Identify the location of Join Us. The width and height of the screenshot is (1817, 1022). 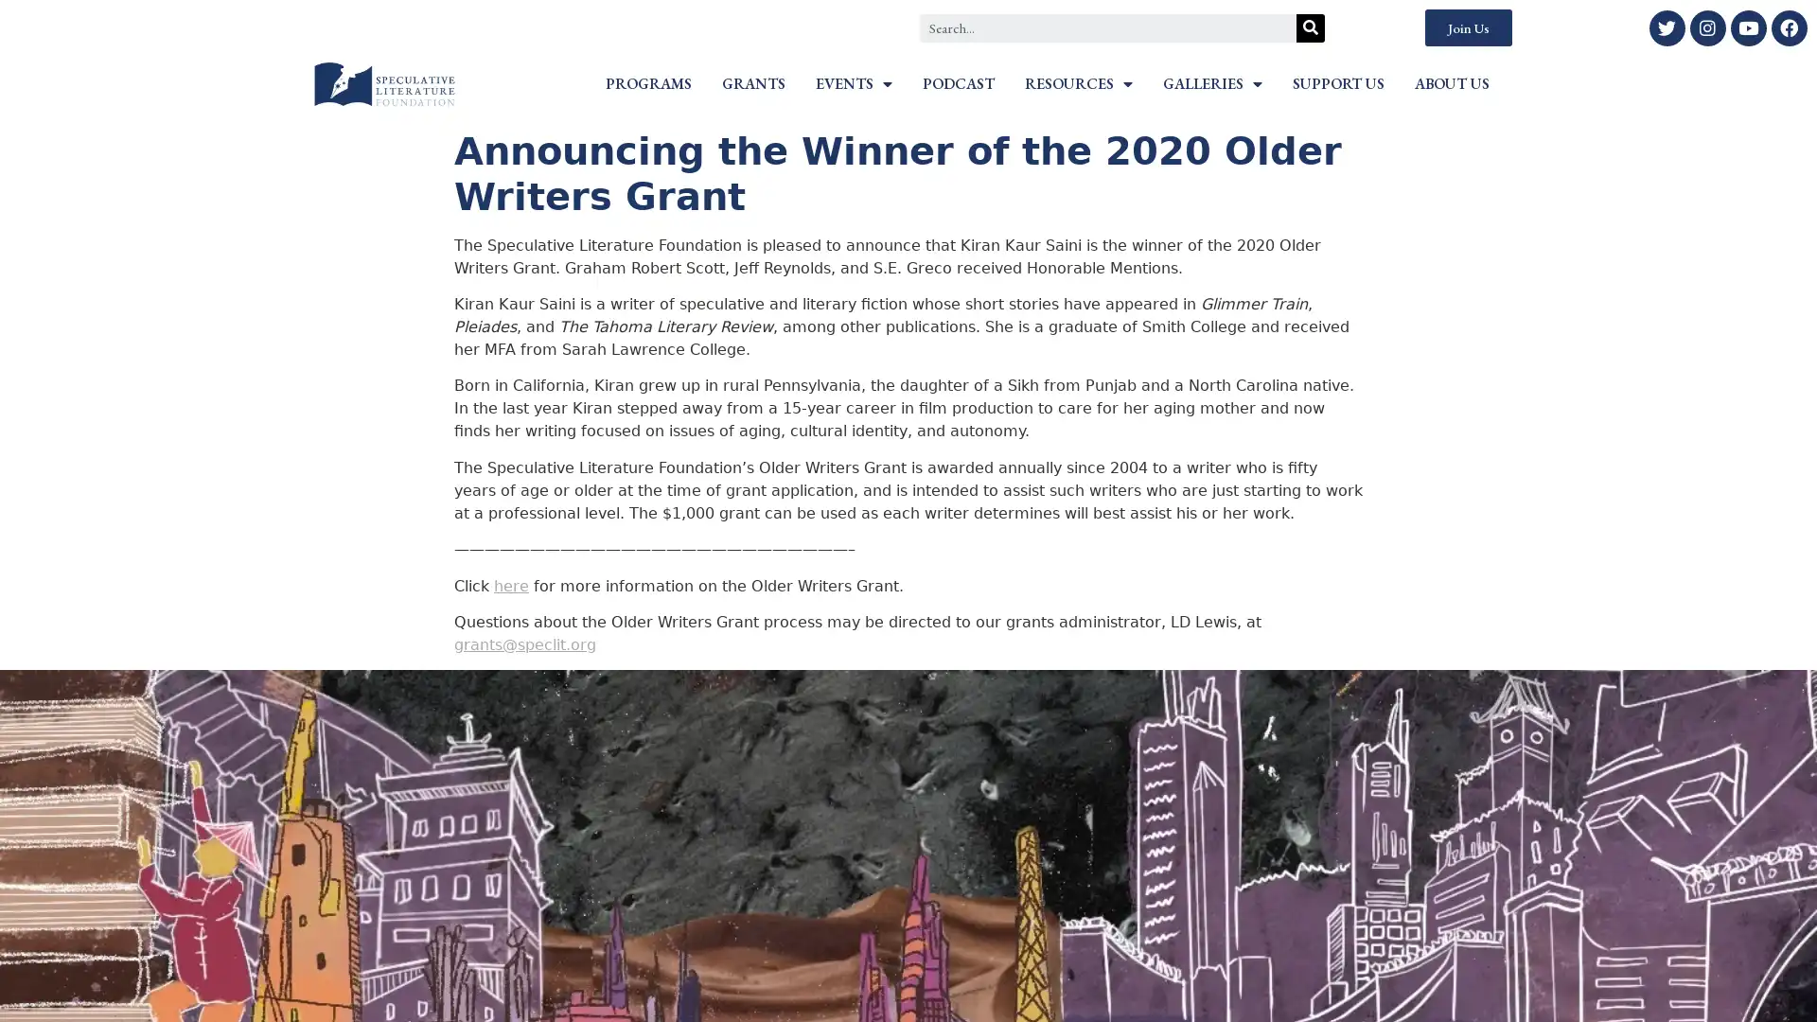
(1467, 27).